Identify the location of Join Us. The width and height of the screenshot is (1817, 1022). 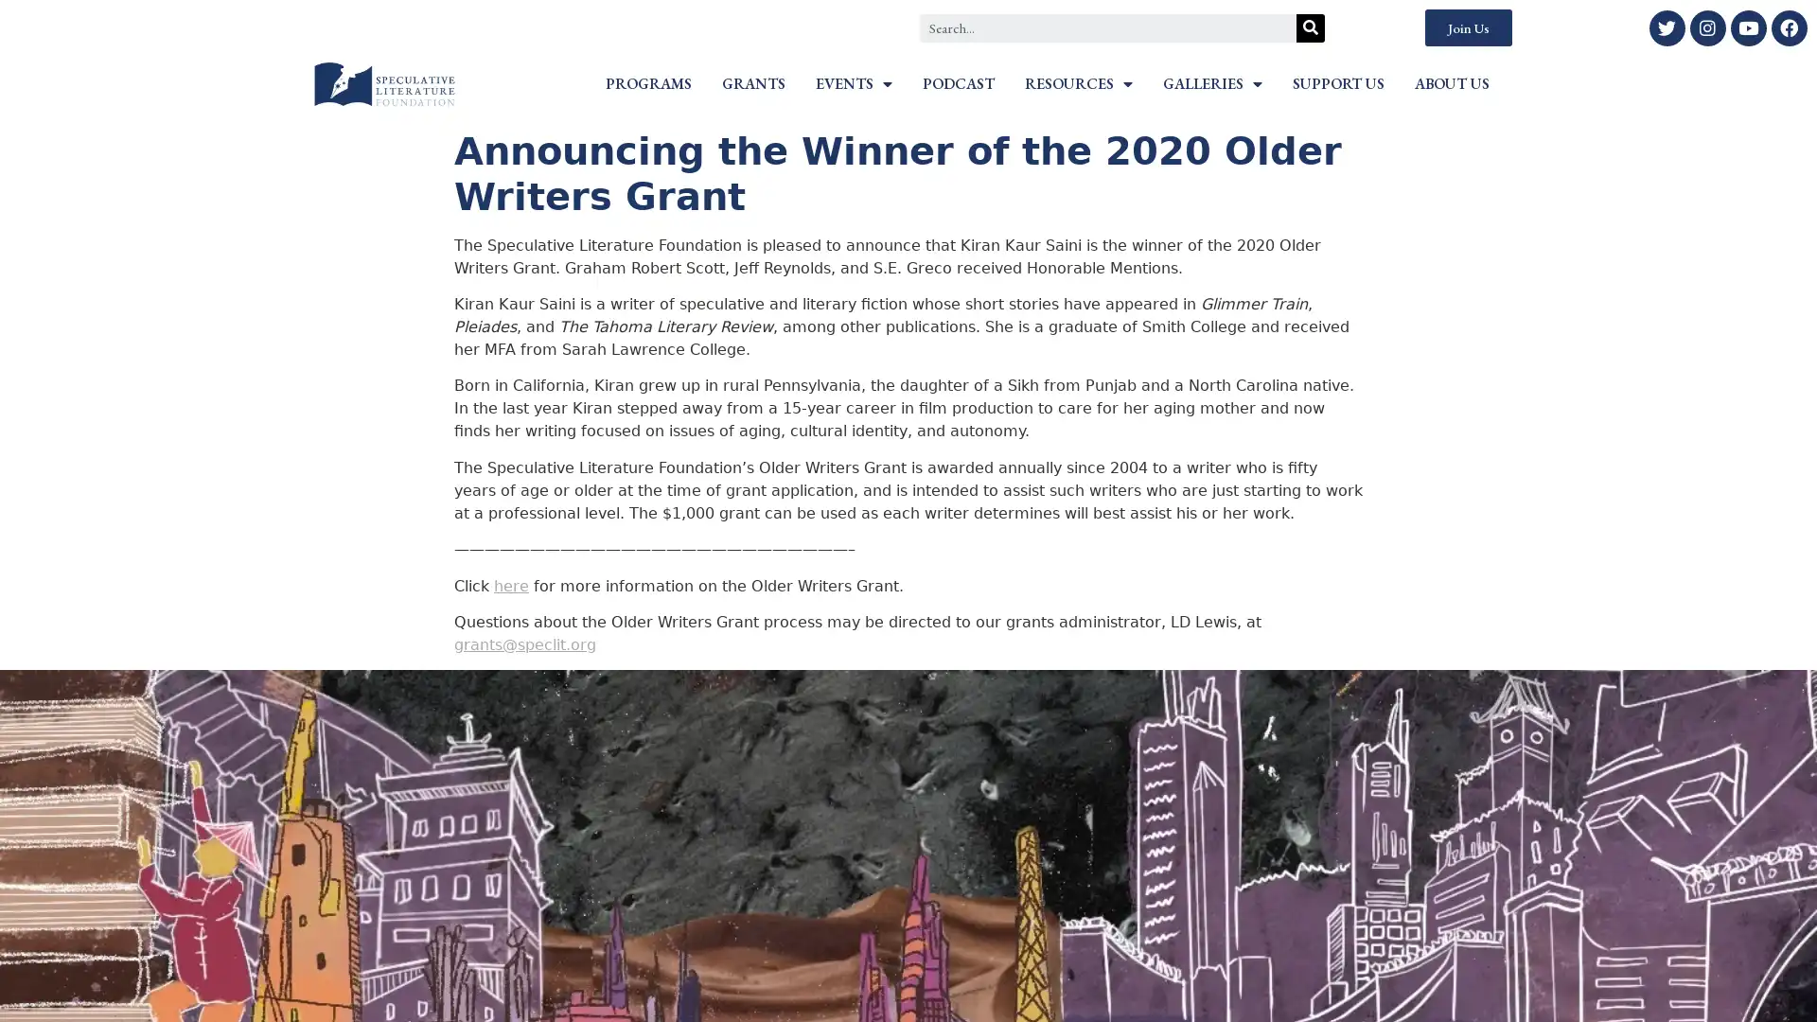
(1467, 27).